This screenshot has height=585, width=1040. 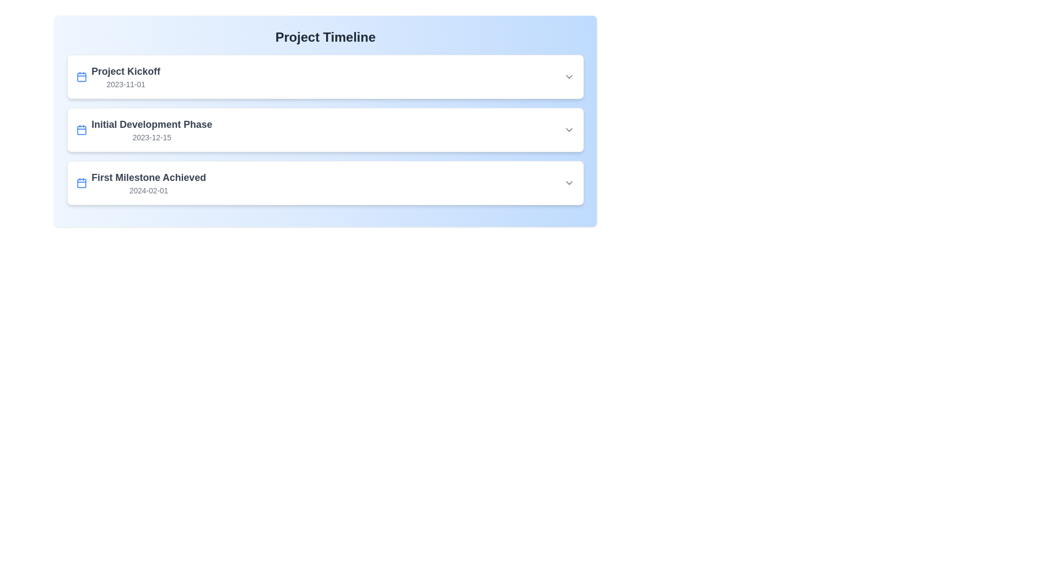 What do you see at coordinates (324, 183) in the screenshot?
I see `the third Timeline Item displaying 'First Milestone Achieved'` at bounding box center [324, 183].